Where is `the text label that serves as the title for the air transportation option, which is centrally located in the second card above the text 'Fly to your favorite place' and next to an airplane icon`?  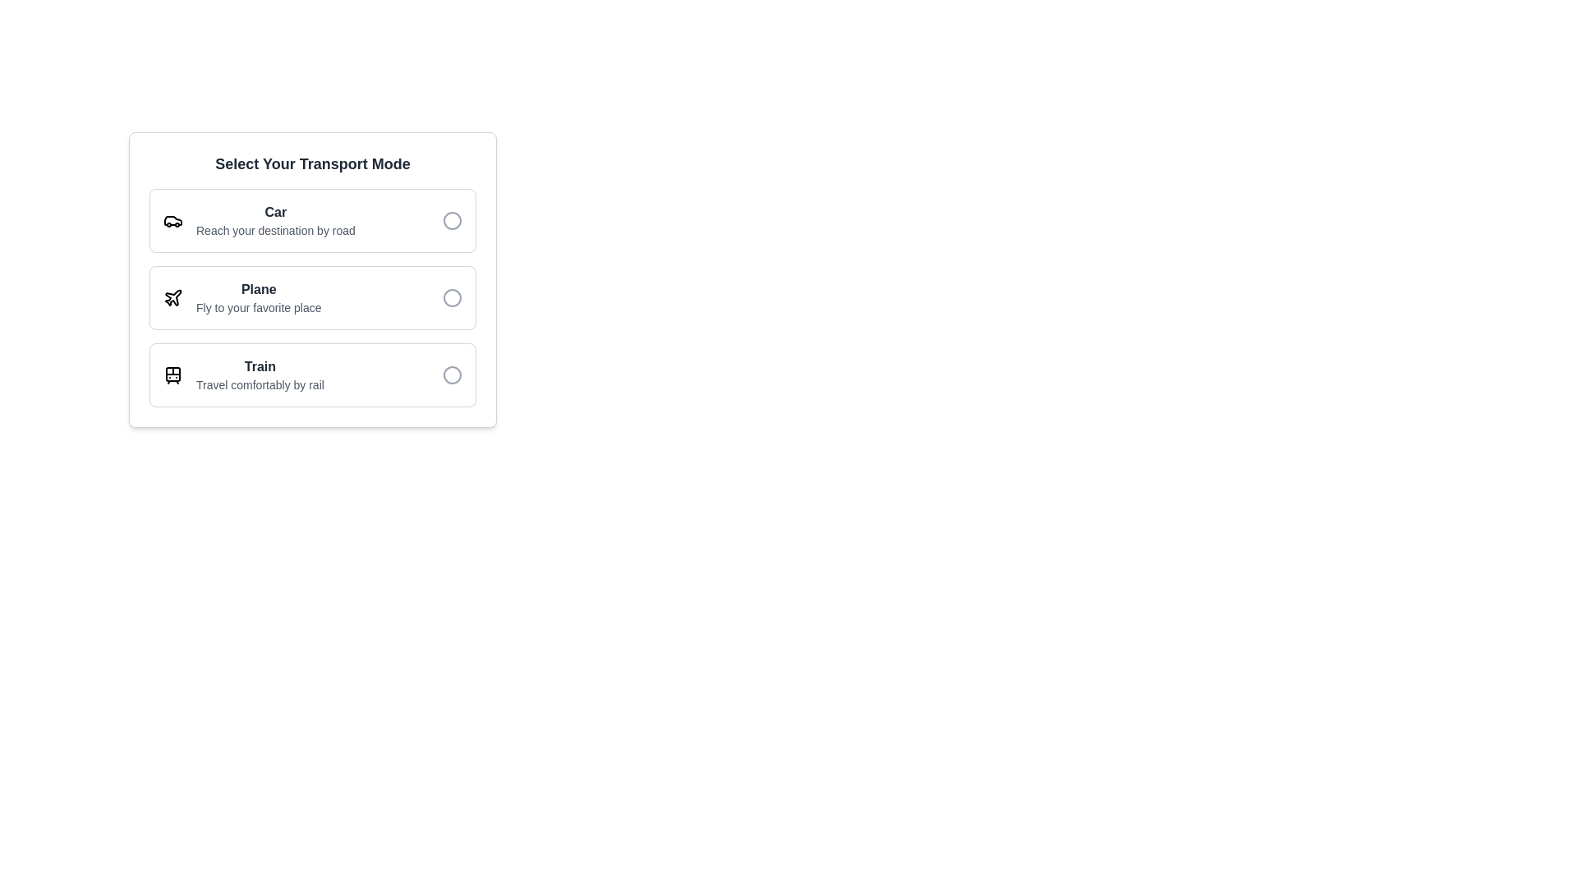
the text label that serves as the title for the air transportation option, which is centrally located in the second card above the text 'Fly to your favorite place' and next to an airplane icon is located at coordinates (258, 289).